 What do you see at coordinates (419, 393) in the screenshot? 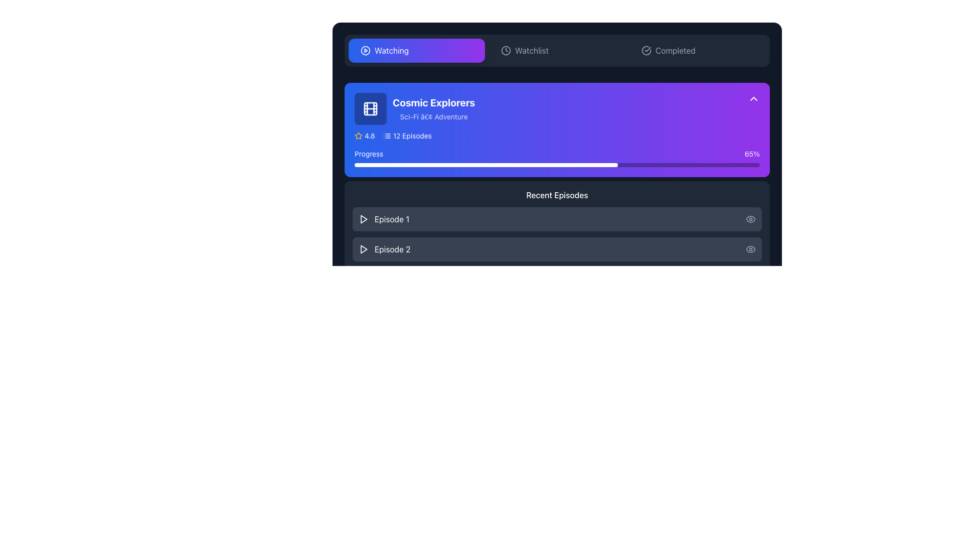
I see `the progress` at bounding box center [419, 393].